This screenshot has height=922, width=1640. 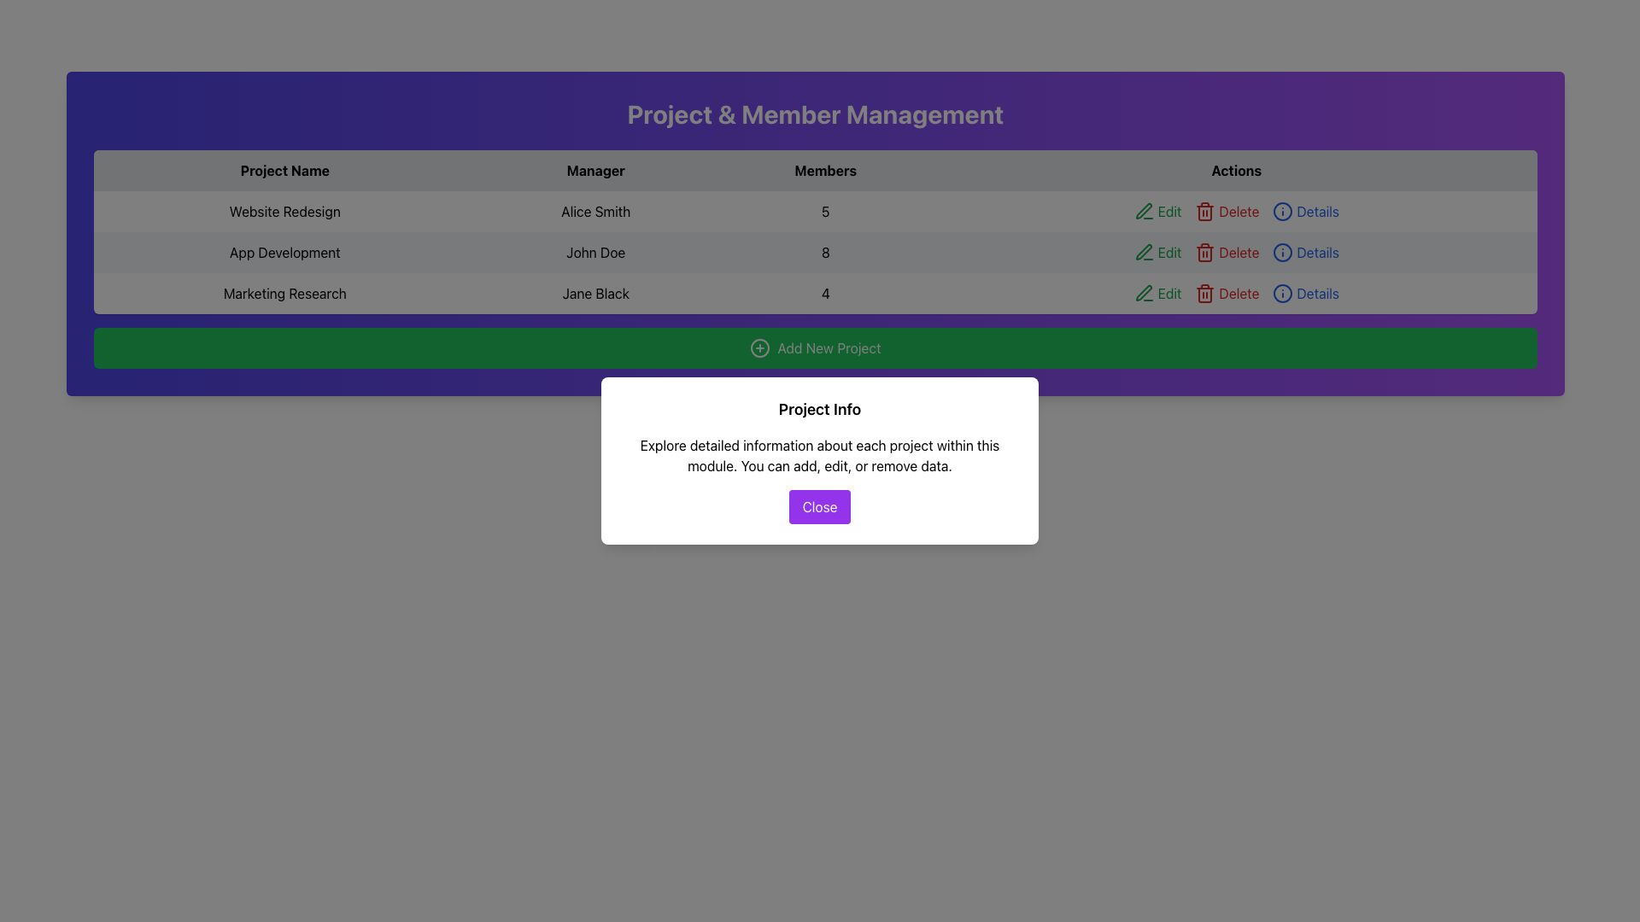 What do you see at coordinates (1283, 210) in the screenshot?
I see `the Circular Icon that represents an information indicator within the 'Details' button in the 'Actions' column of the table to possibly see a tooltip` at bounding box center [1283, 210].